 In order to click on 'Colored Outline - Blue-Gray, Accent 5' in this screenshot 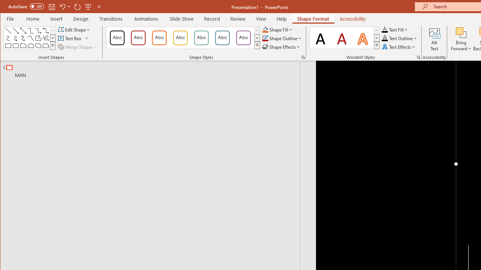, I will do `click(222, 37)`.